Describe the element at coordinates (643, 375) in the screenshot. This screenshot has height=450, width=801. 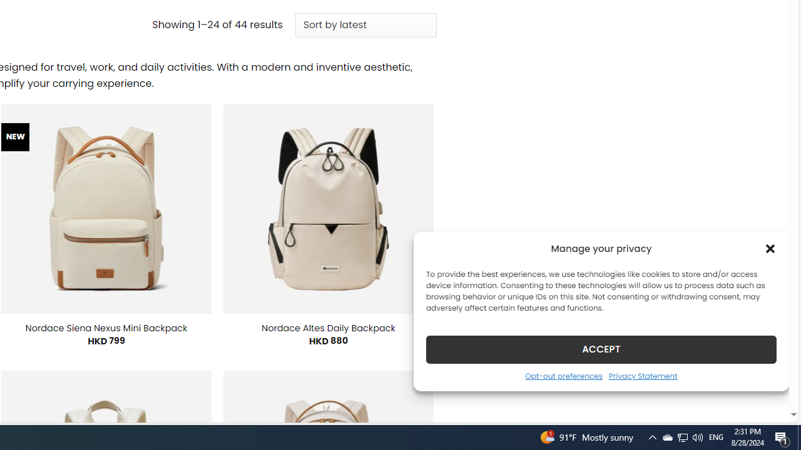
I see `'Privacy Statement'` at that location.